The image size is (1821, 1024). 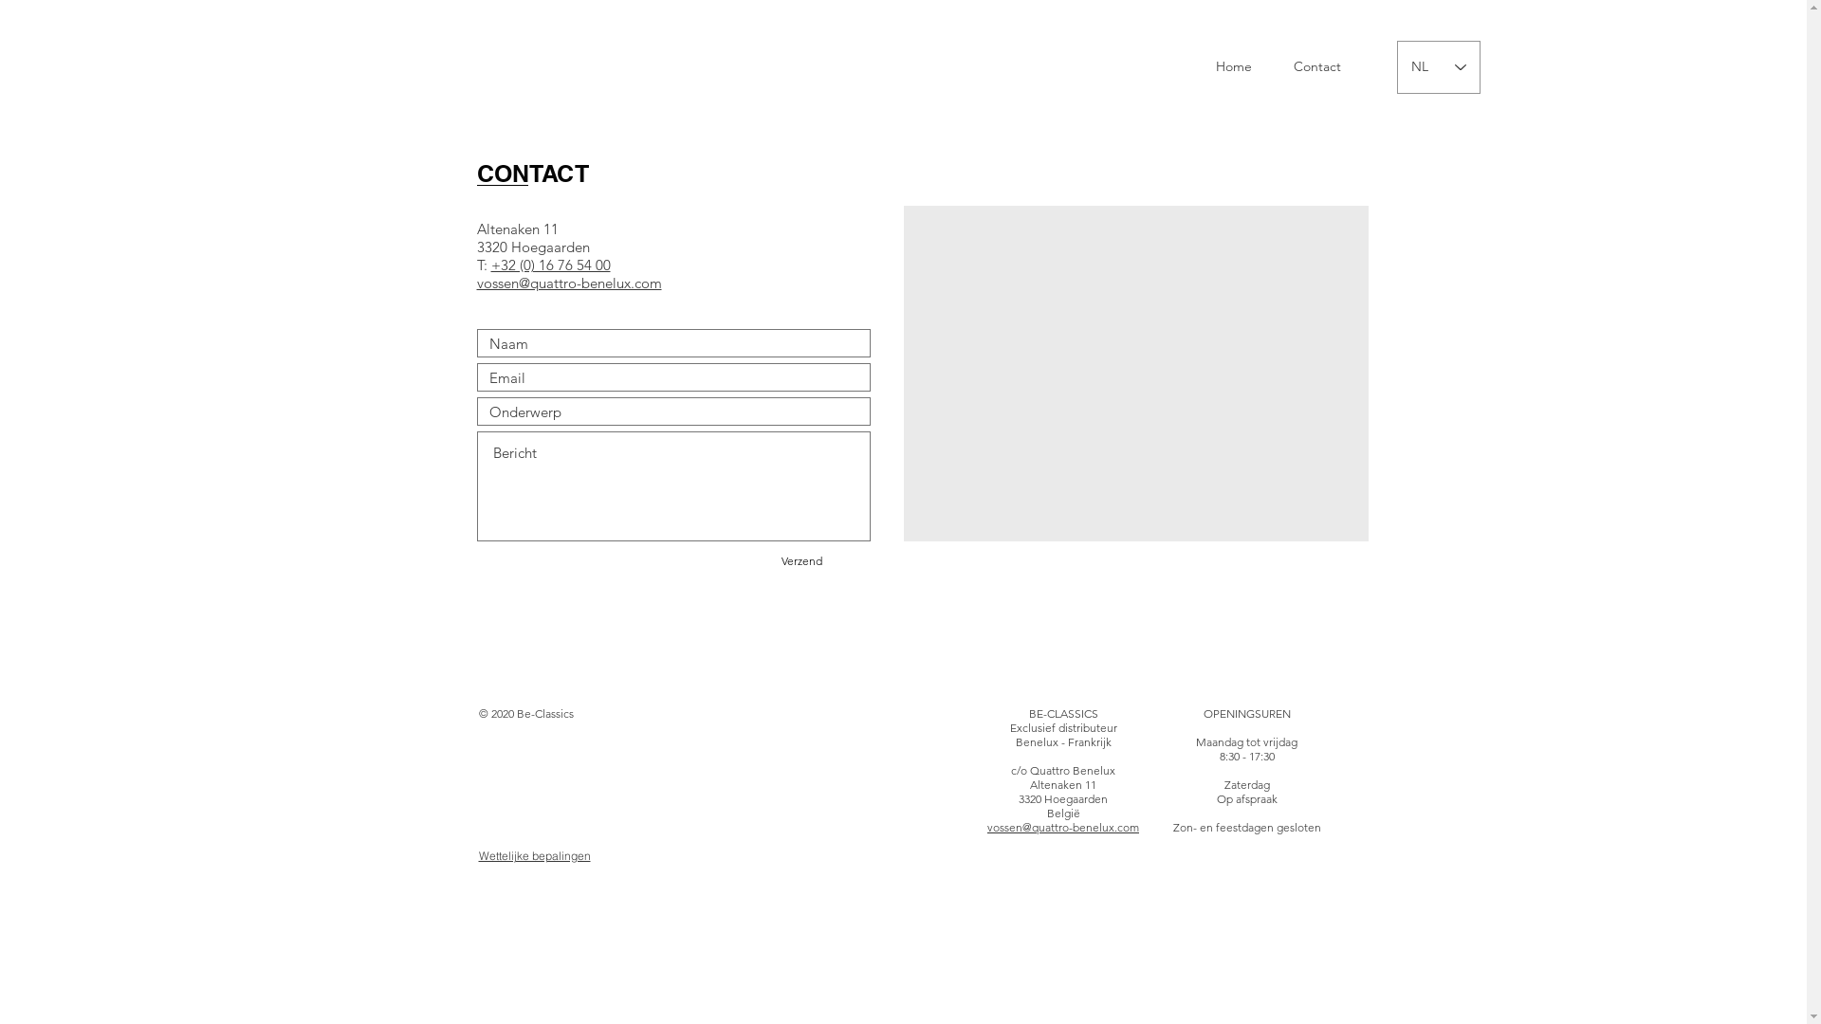 What do you see at coordinates (1233, 65) in the screenshot?
I see `'Home'` at bounding box center [1233, 65].